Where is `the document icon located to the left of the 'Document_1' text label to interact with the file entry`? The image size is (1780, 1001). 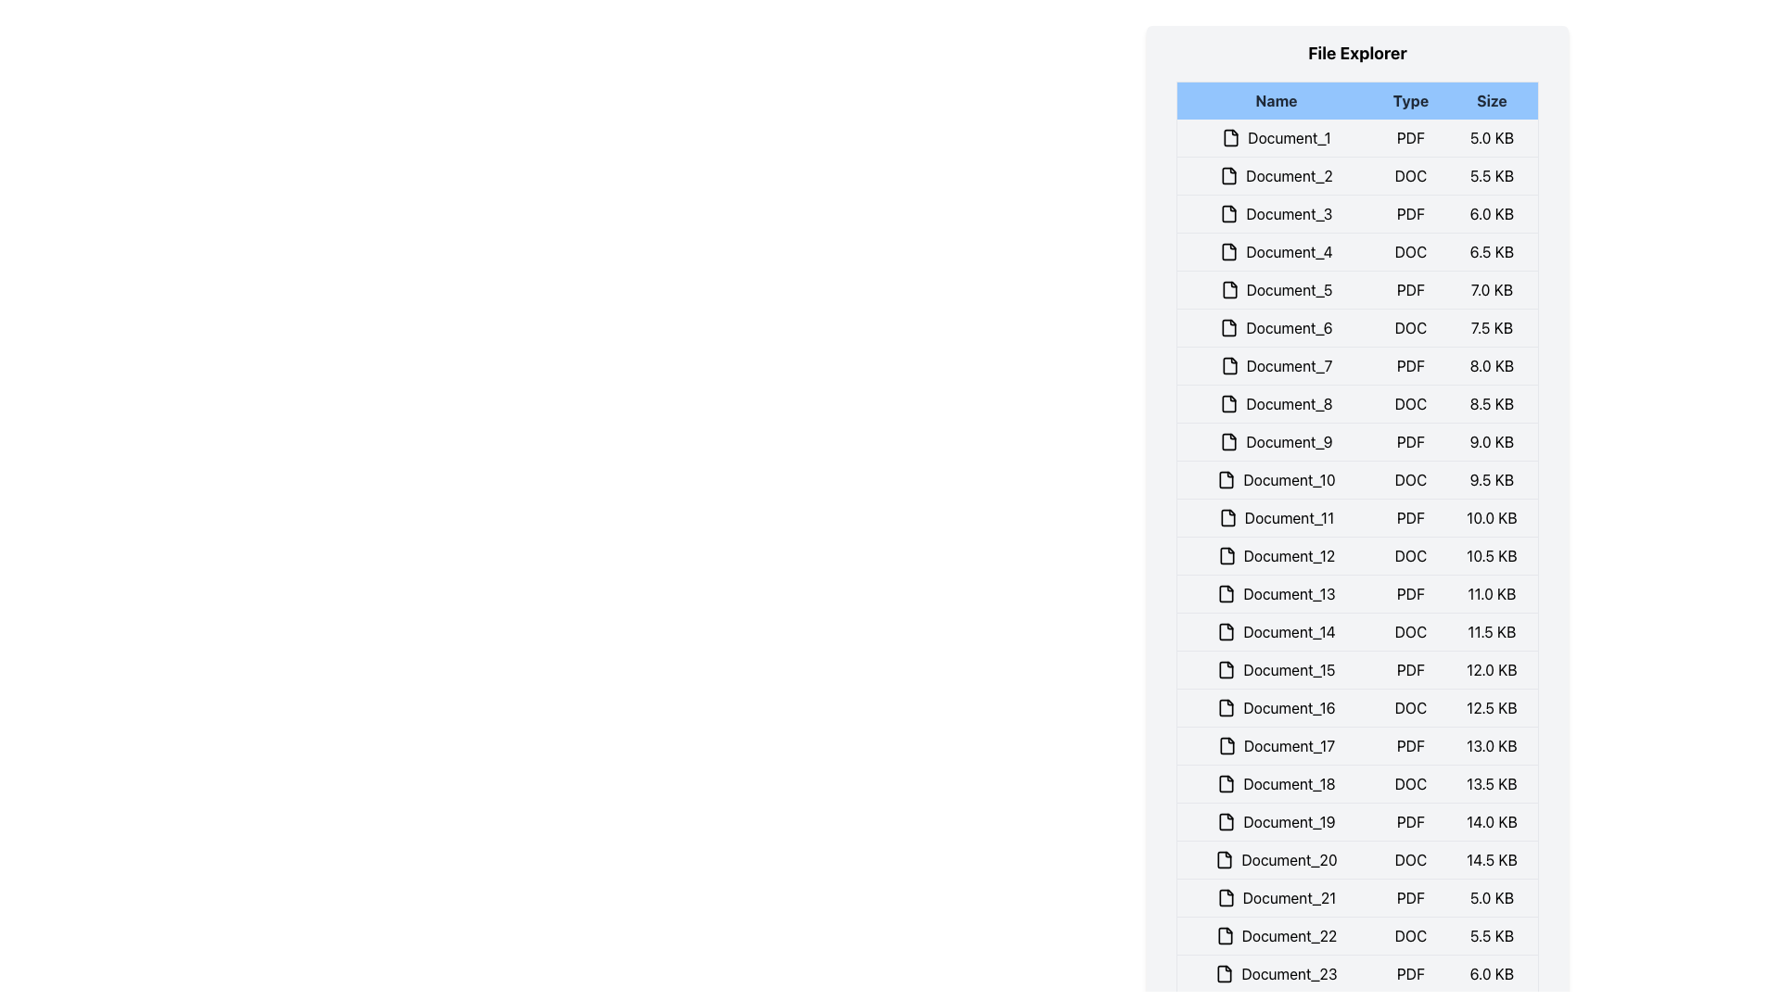 the document icon located to the left of the 'Document_1' text label to interact with the file entry is located at coordinates (1231, 137).